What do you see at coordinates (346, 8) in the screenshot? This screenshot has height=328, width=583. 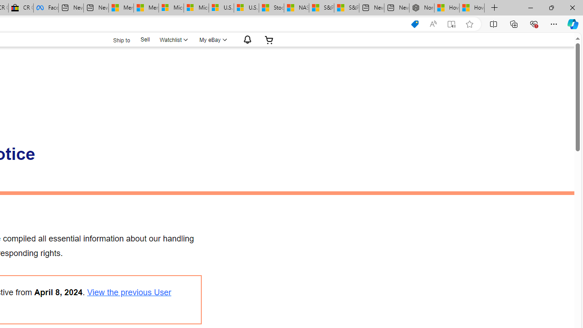 I see `'S&P 500, Nasdaq end lower, weighed by Nvidia dip | Watch'` at bounding box center [346, 8].